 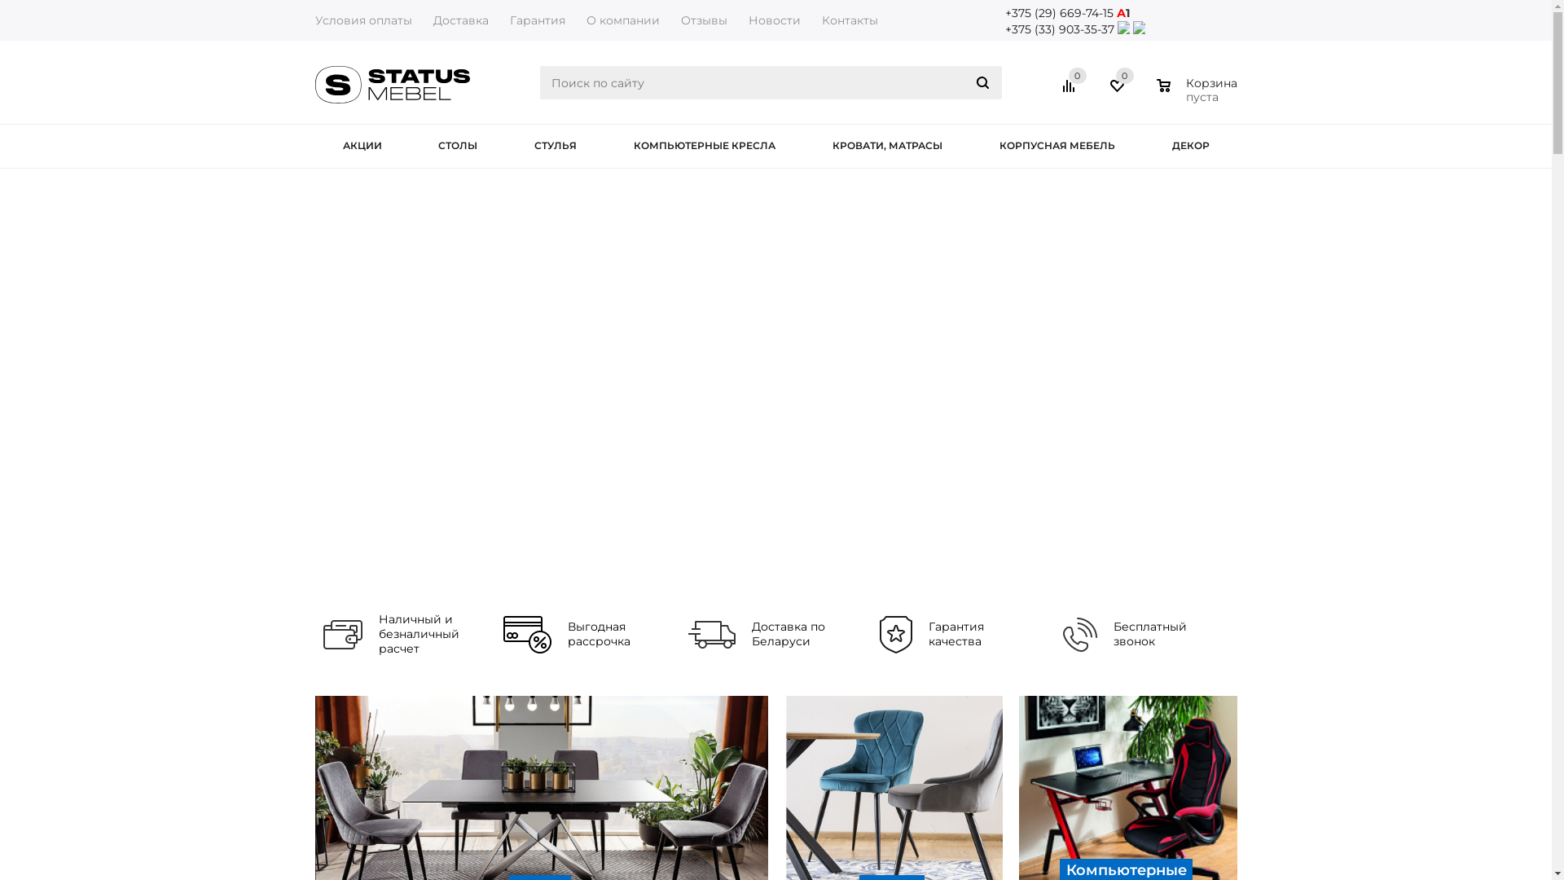 What do you see at coordinates (1068, 45) in the screenshot?
I see `'info@statusmebel.by'` at bounding box center [1068, 45].